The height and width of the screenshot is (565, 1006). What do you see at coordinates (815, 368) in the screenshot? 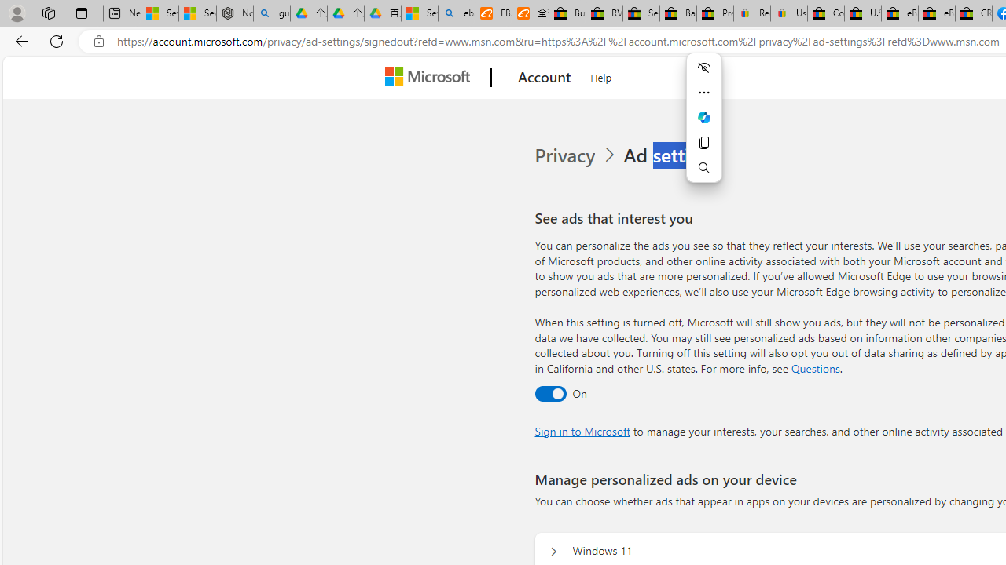
I see `'Go to Questions section'` at bounding box center [815, 368].